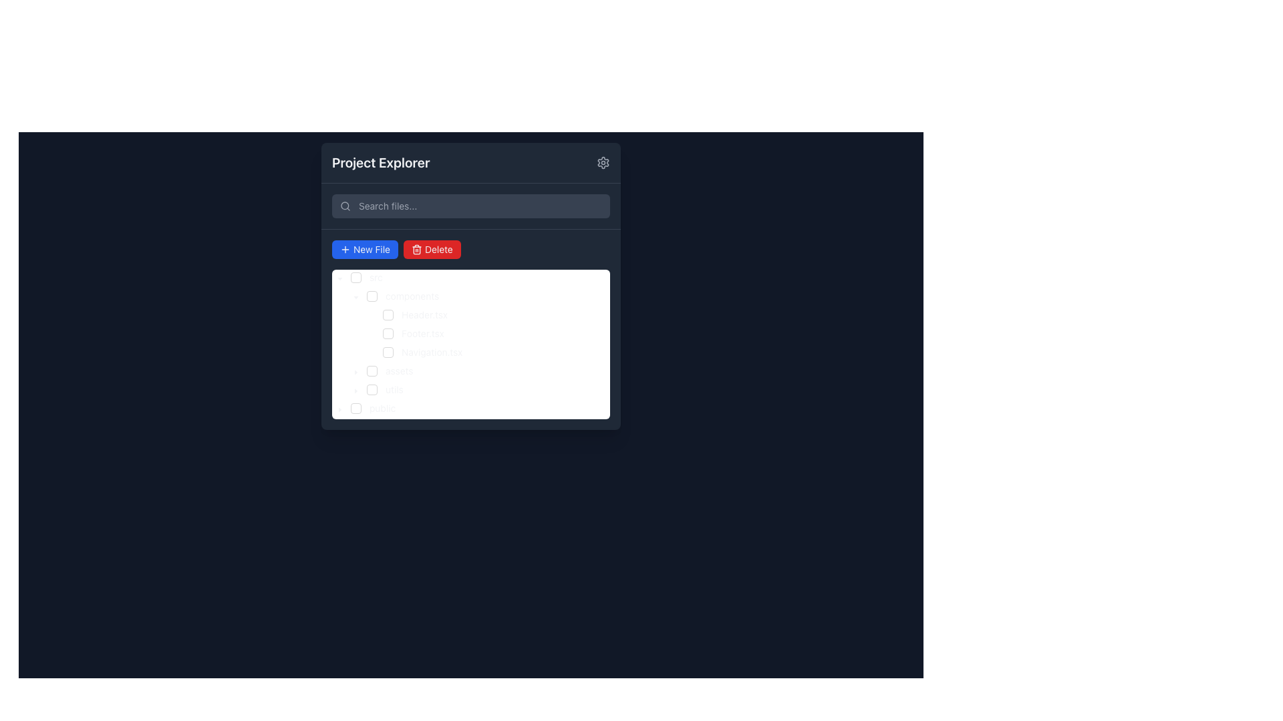 Image resolution: width=1283 pixels, height=721 pixels. Describe the element at coordinates (390, 333) in the screenshot. I see `the checkbox` at that location.